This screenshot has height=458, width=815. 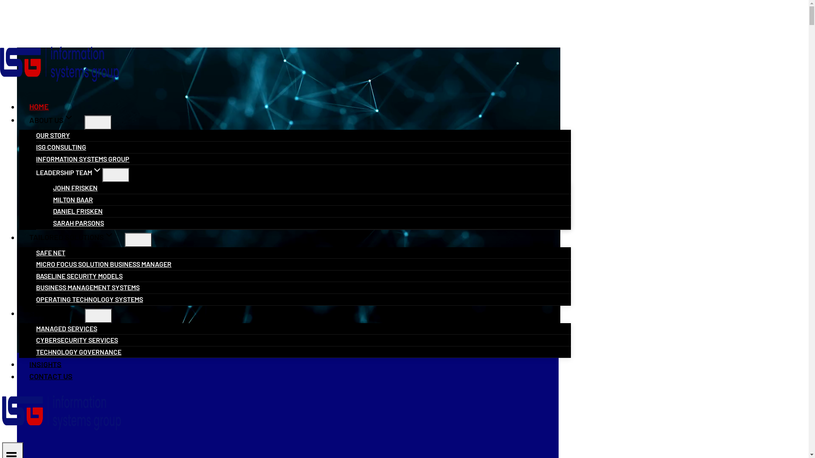 What do you see at coordinates (19, 106) in the screenshot?
I see `'HOME'` at bounding box center [19, 106].